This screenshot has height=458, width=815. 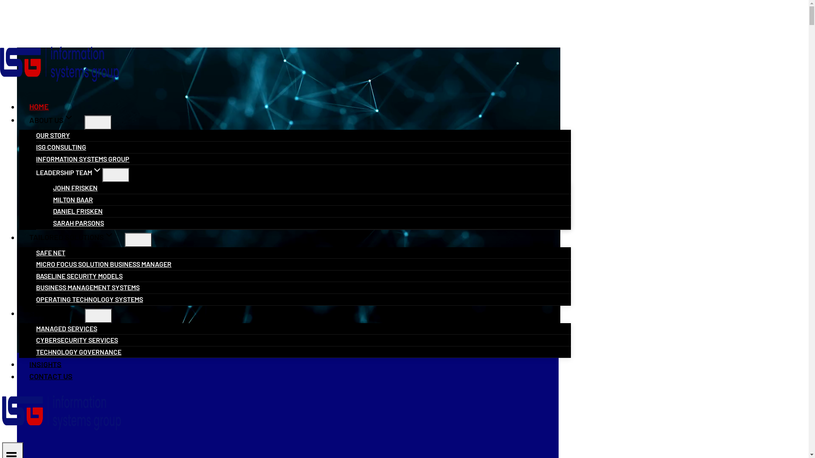 What do you see at coordinates (19, 106) in the screenshot?
I see `'HOME'` at bounding box center [19, 106].